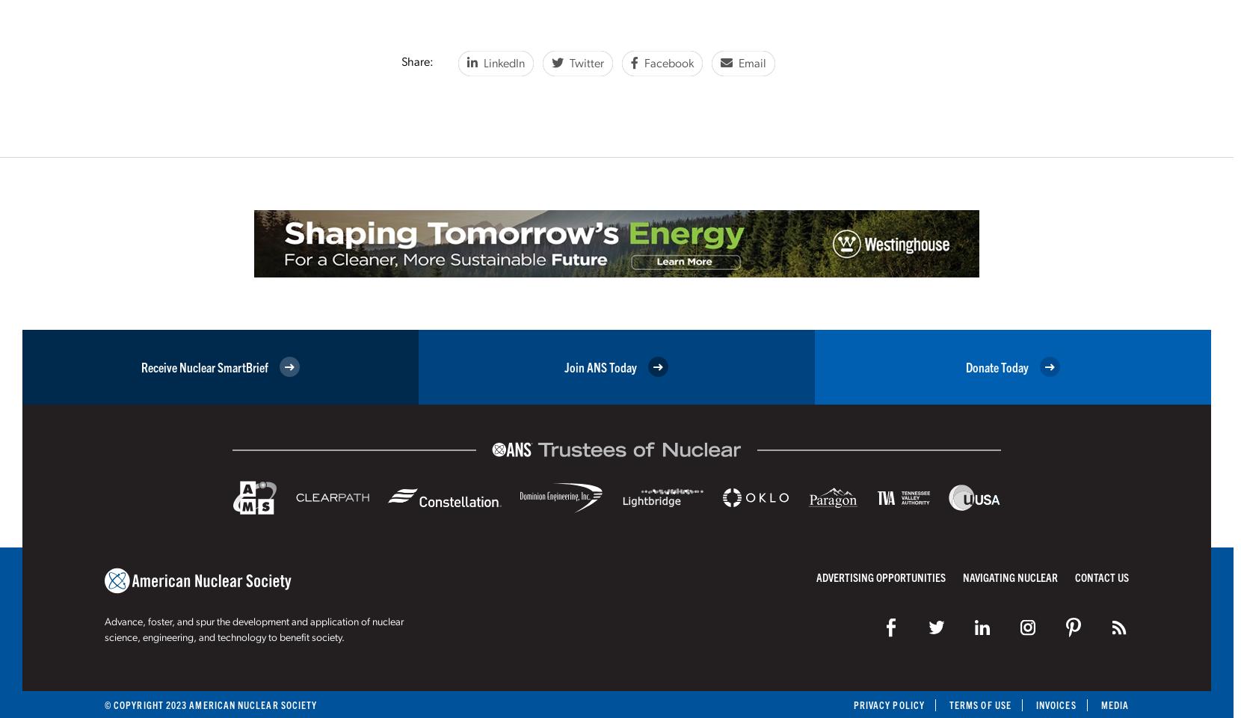 This screenshot has height=718, width=1241. I want to click on 'Advance, foster, and spur the development and application of nuclear science, engineering, and technology to benefit society.', so click(104, 629).